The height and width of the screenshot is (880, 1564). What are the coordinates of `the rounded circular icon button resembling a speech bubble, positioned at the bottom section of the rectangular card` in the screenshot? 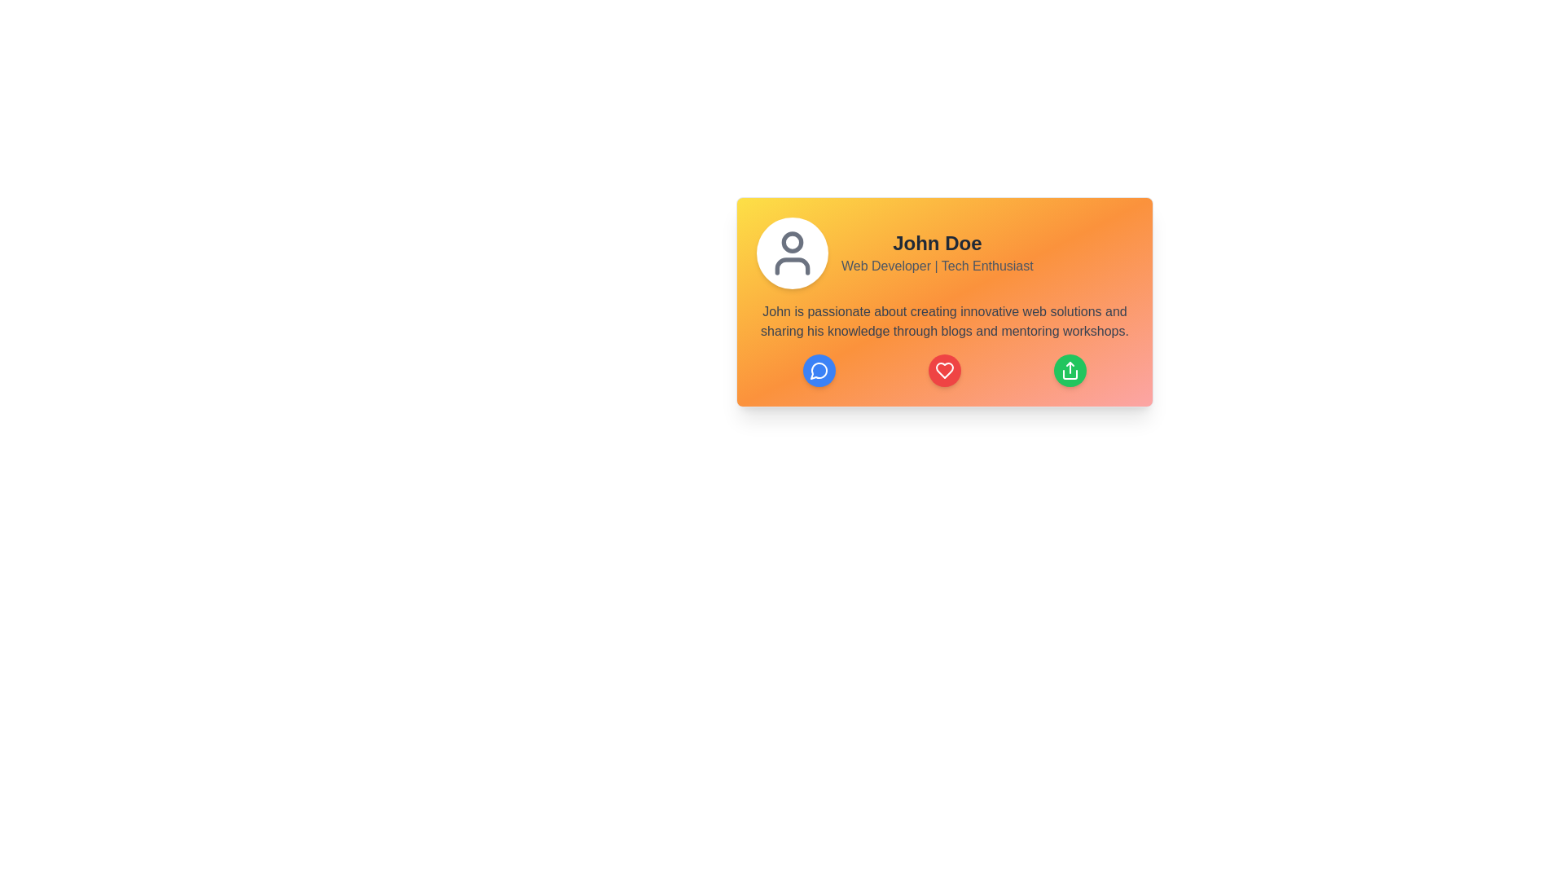 It's located at (819, 371).